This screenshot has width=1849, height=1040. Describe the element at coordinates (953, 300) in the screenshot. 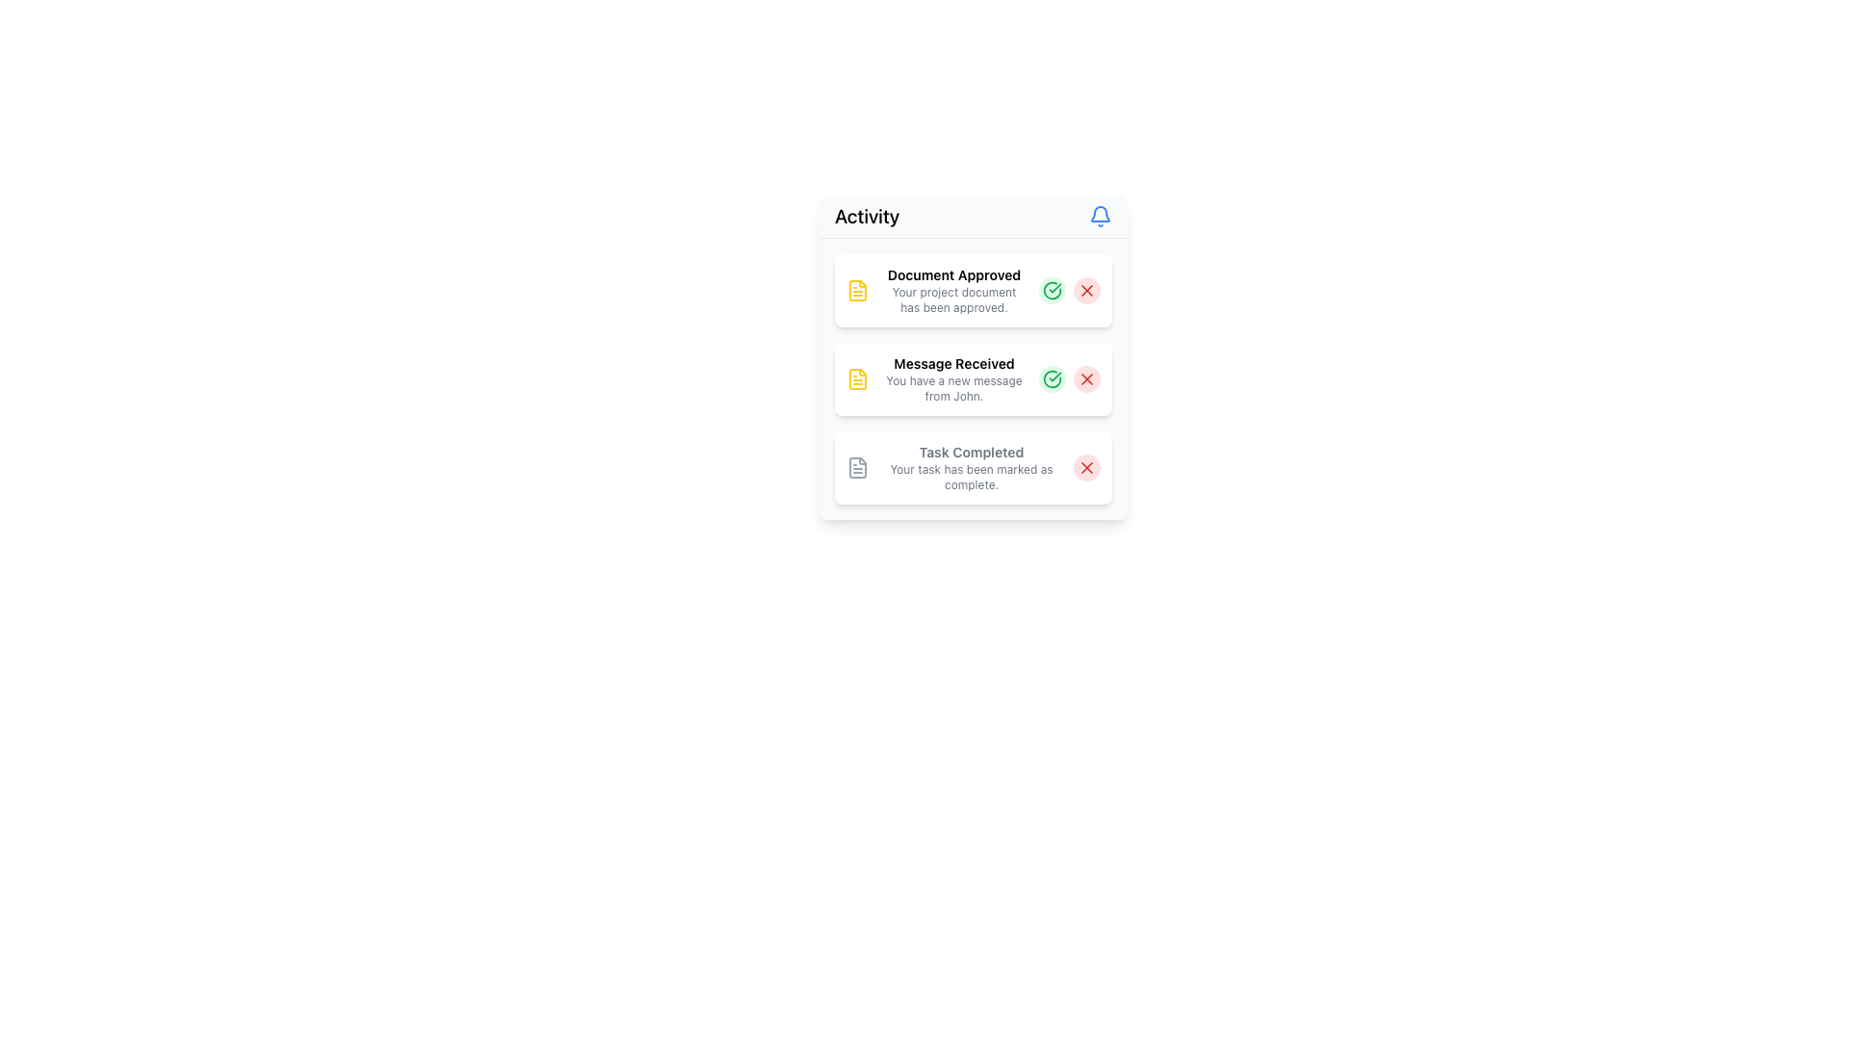

I see `the text label providing additional context for the 'Document Approved' notification located beneath the title in the first notification entry of the 'Activity' module` at that location.